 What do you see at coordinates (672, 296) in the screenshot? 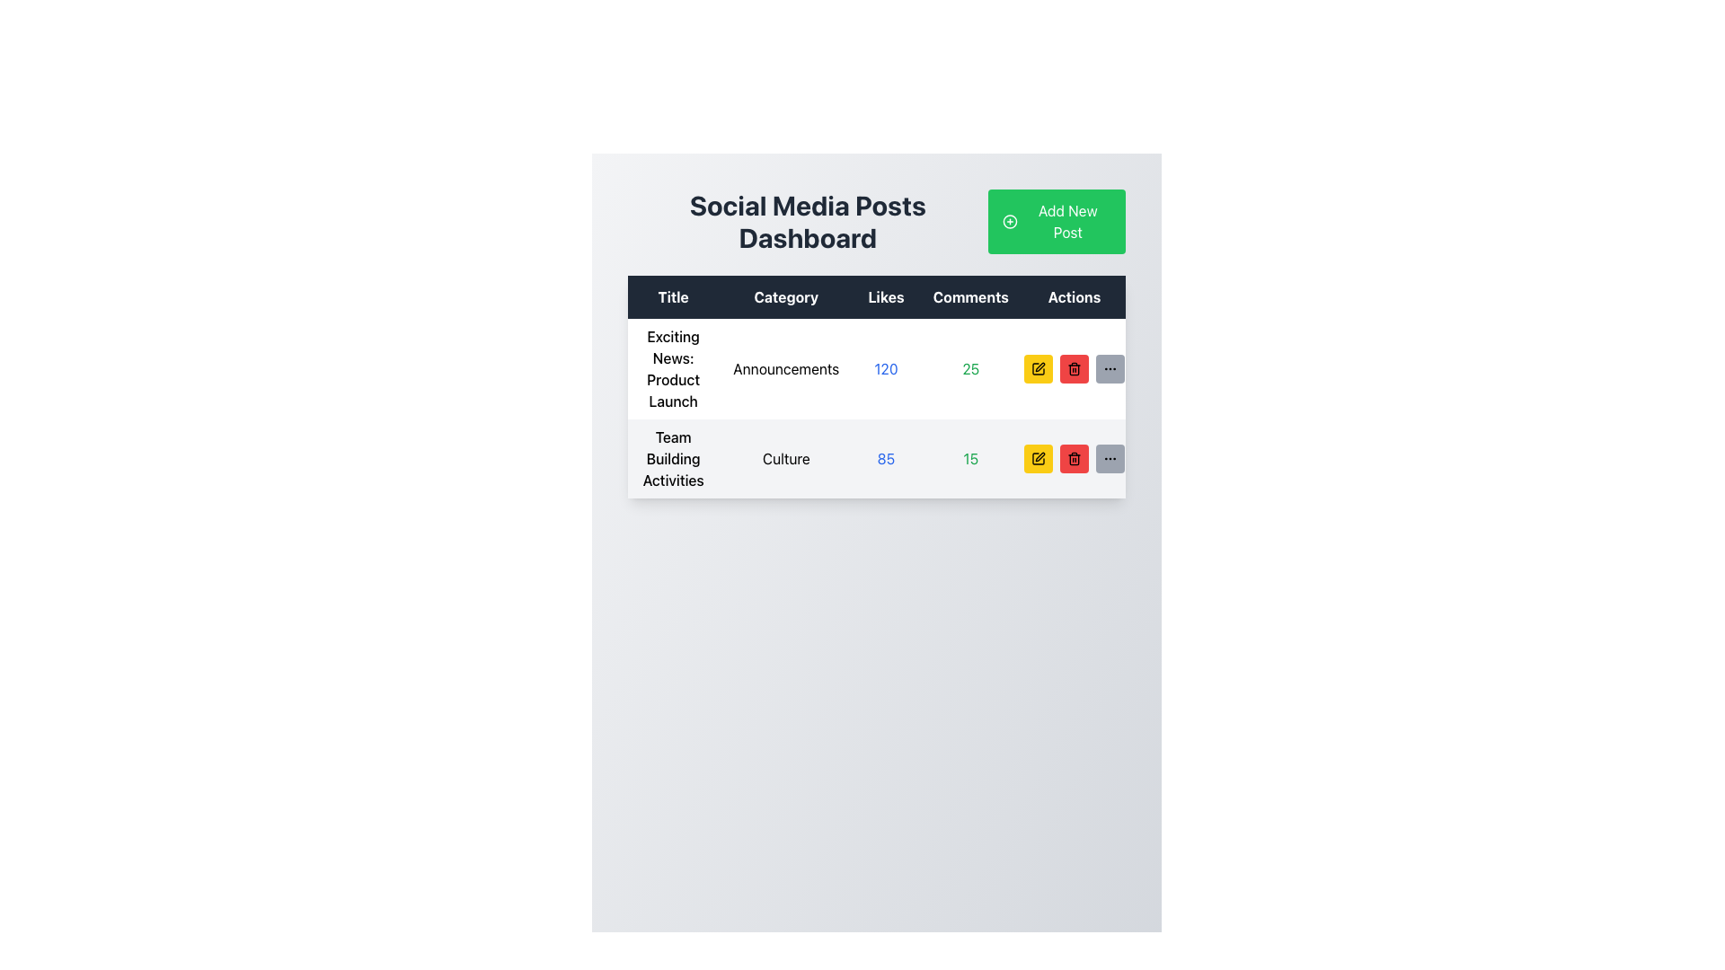
I see `header text label located at the leftmost side of the header row, which indicates the content type for the column below it in a table structure` at bounding box center [672, 296].